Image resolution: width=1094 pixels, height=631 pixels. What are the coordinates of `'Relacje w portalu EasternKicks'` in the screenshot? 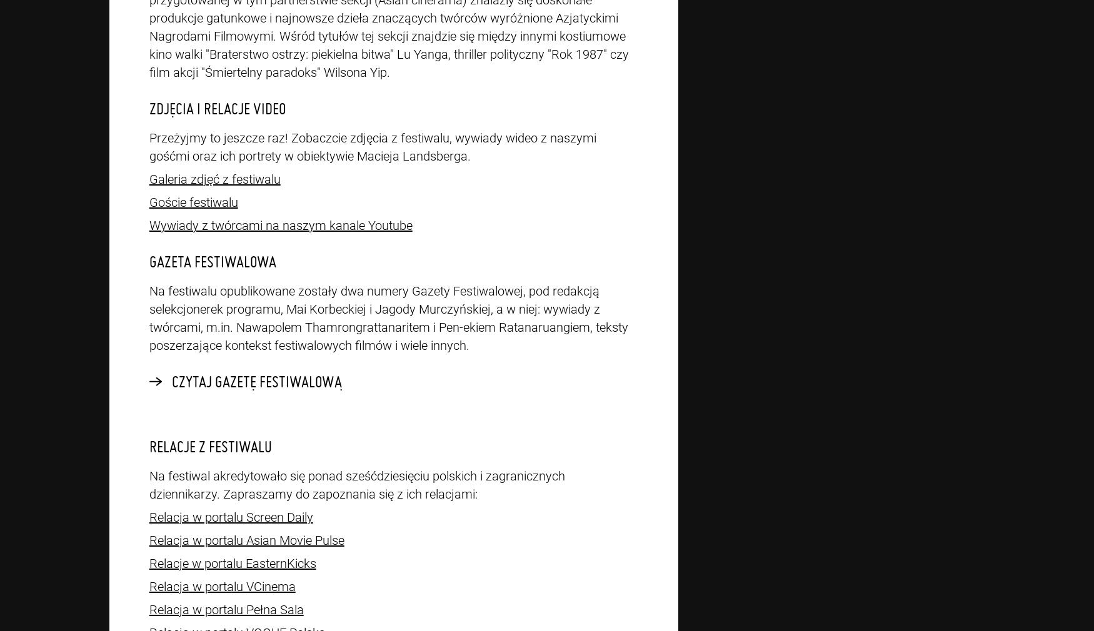 It's located at (149, 564).